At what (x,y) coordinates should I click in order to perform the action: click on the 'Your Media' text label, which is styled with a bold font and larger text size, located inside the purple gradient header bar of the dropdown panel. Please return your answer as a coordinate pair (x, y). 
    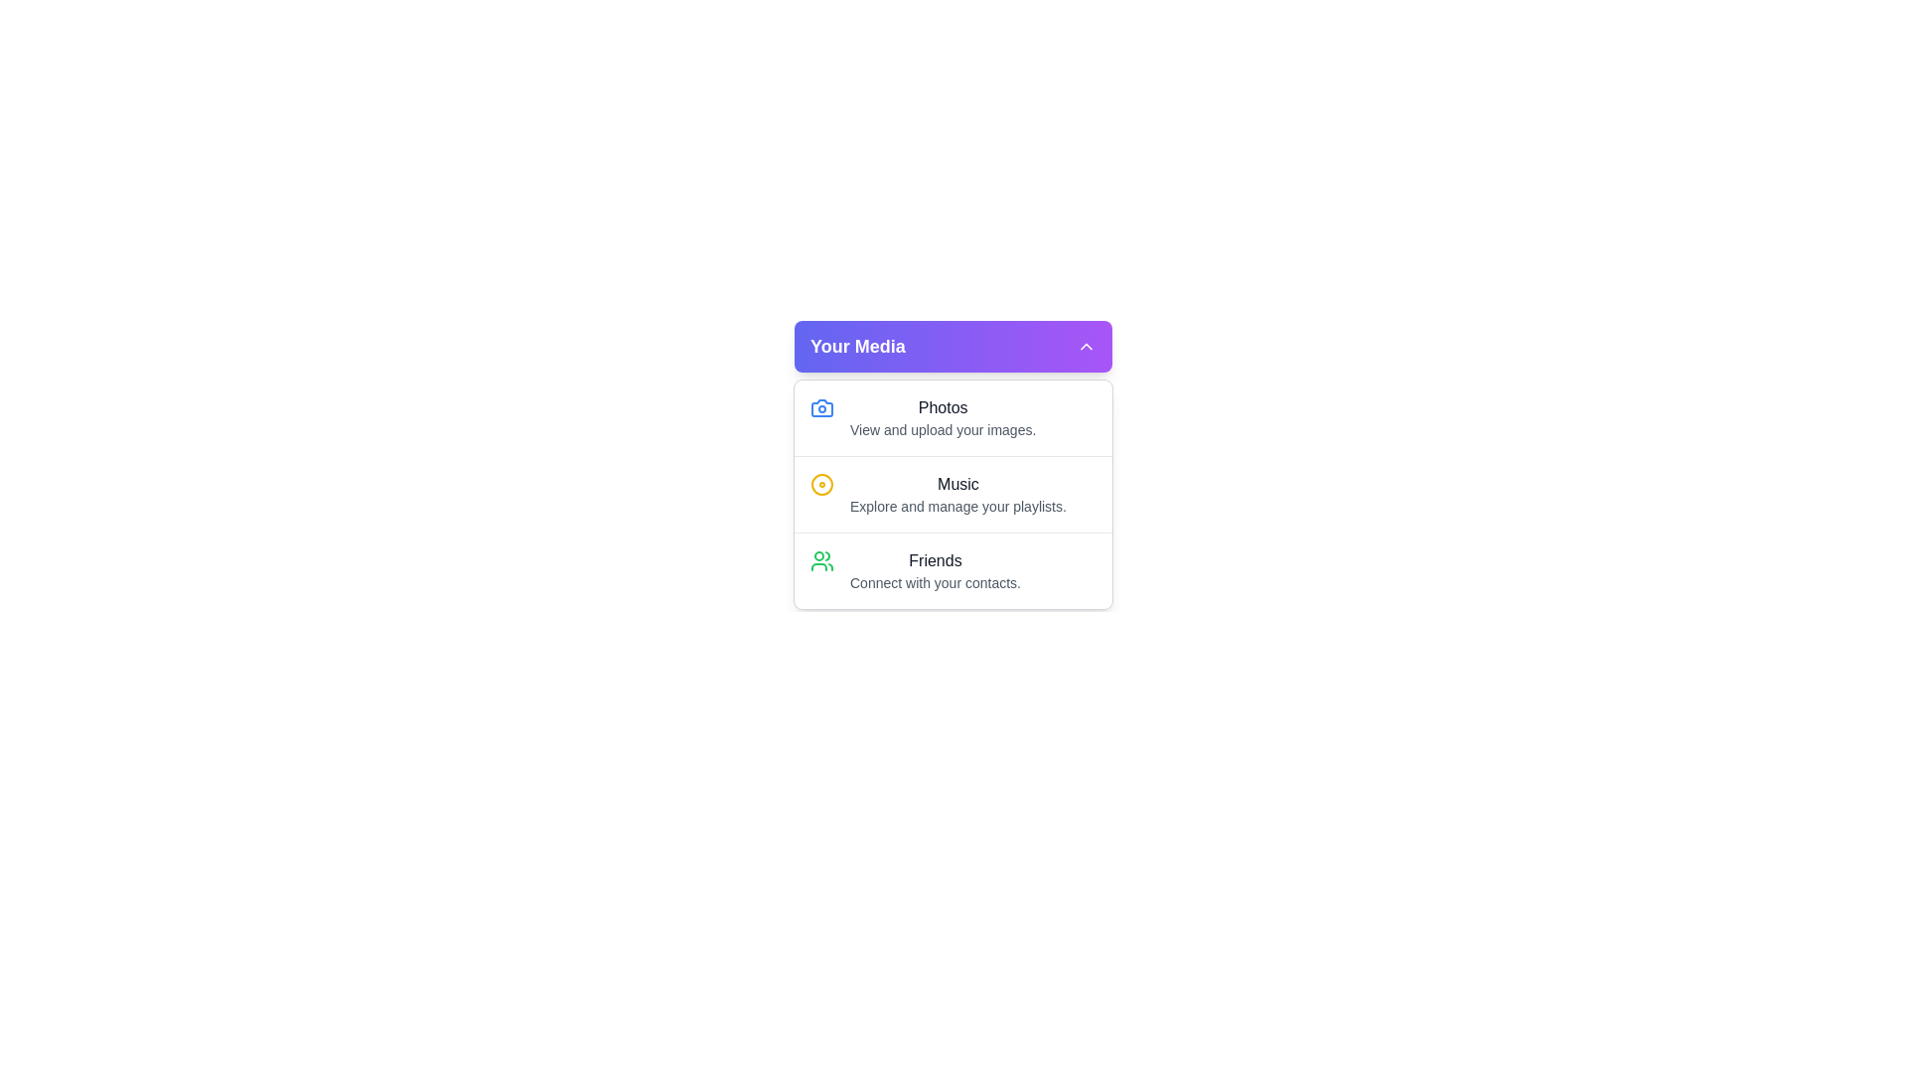
    Looking at the image, I should click on (857, 345).